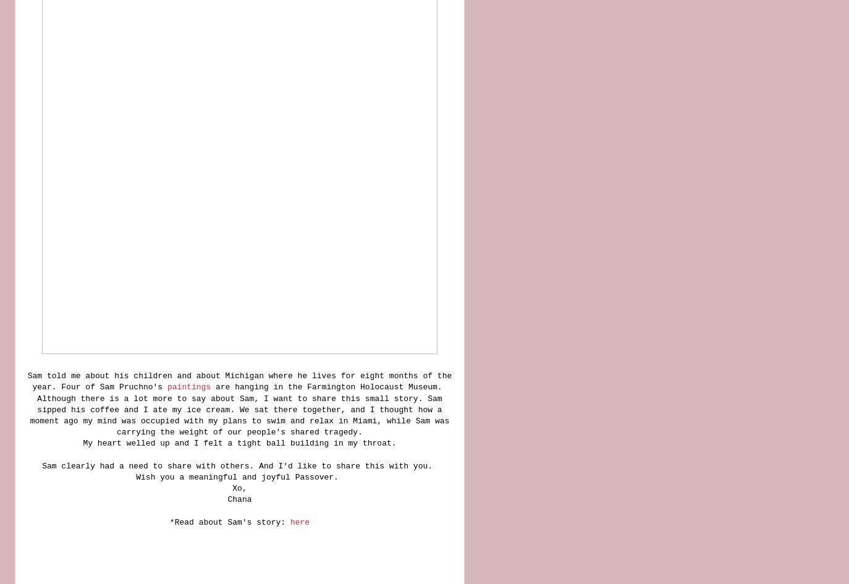 The image size is (849, 584). What do you see at coordinates (229, 522) in the screenshot?
I see `'*Read about Sam's story:'` at bounding box center [229, 522].